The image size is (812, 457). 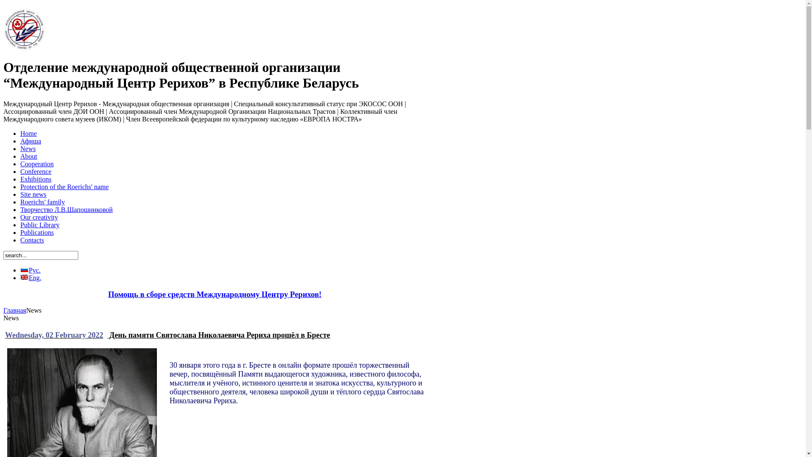 What do you see at coordinates (64, 186) in the screenshot?
I see `'Protection of the Roerichs' name'` at bounding box center [64, 186].